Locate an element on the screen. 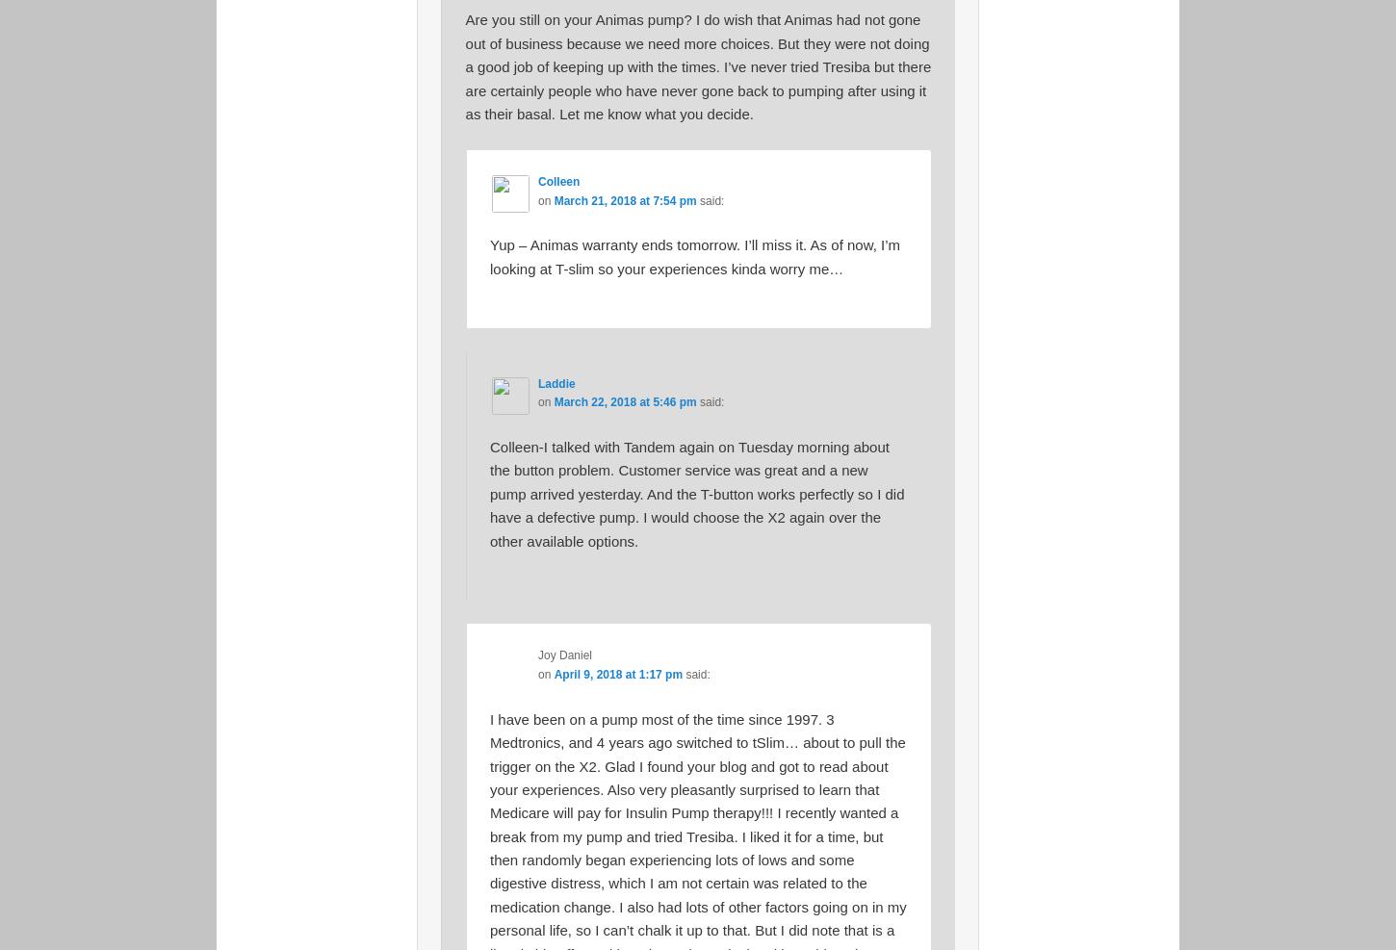 The height and width of the screenshot is (950, 1396). 'Yup – Animas warranty ends tomorrow. I’ll miss it. As of now, I’m looking at T-slim so your experiences kinda worry me…' is located at coordinates (488, 256).